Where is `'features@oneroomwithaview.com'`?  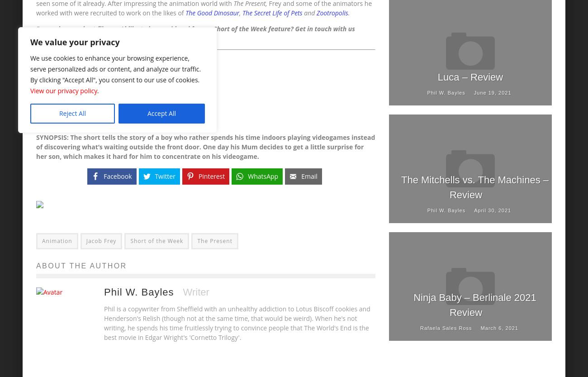
'features@oneroomwithaview.com' is located at coordinates (93, 38).